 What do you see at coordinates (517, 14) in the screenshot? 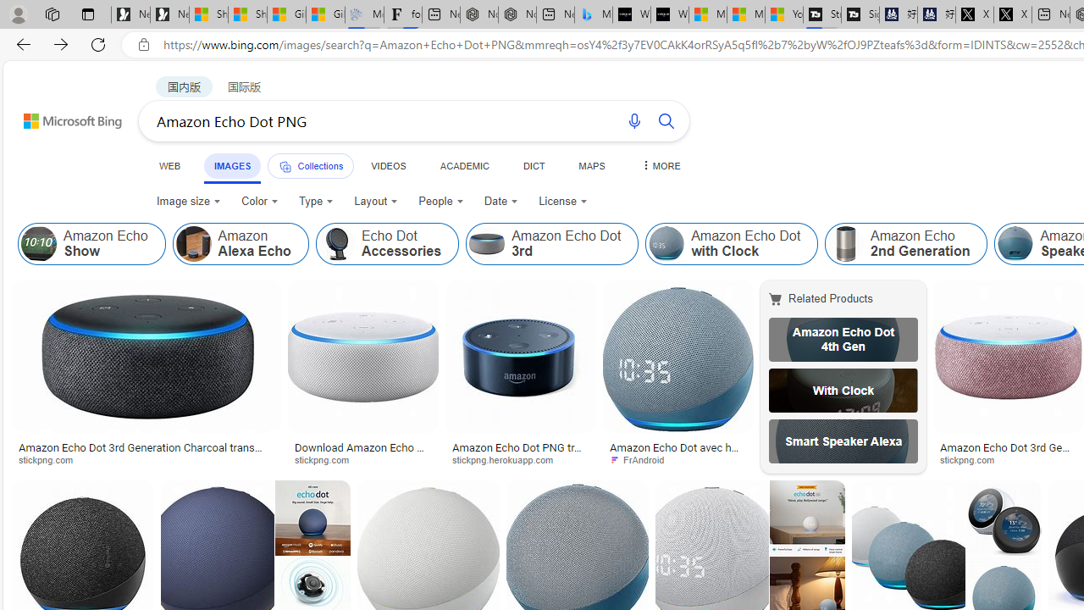
I see `'Nordace - #1 Japanese Best-Seller - Siena Smart Backpack'` at bounding box center [517, 14].